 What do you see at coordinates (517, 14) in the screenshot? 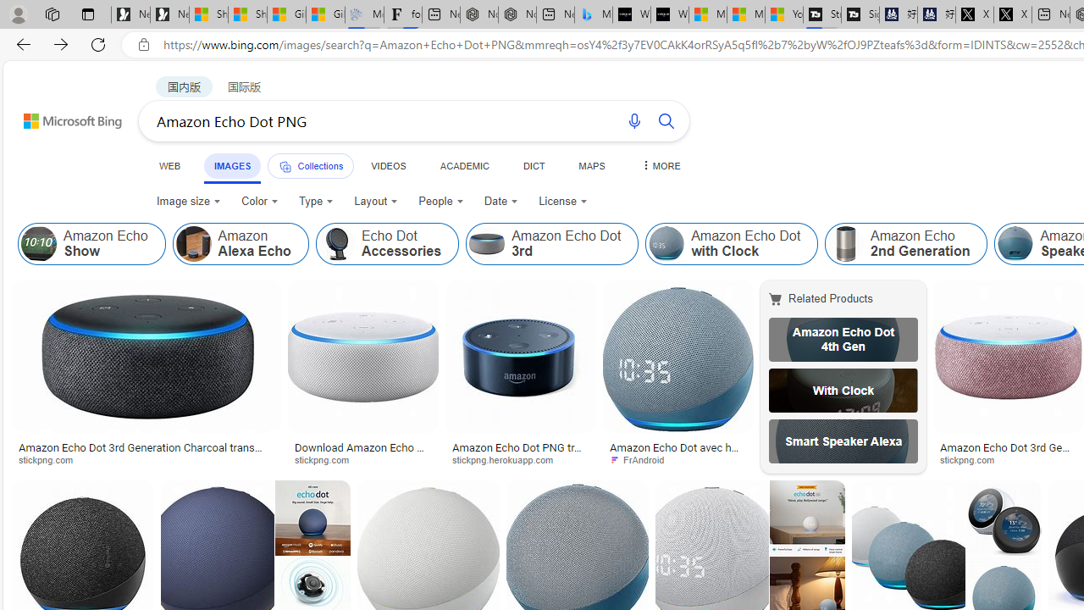
I see `'Nordace - #1 Japanese Best-Seller - Siena Smart Backpack'` at bounding box center [517, 14].